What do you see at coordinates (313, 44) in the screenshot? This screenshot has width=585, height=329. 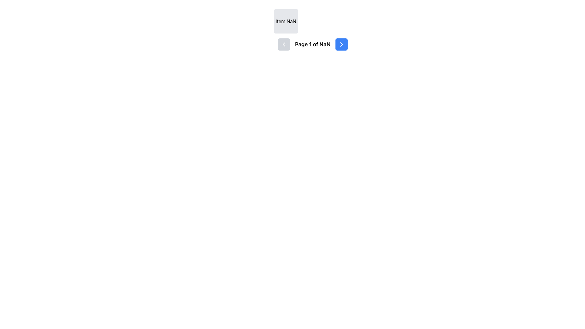 I see `the text label that displays the current page number and total number of pages in the paginated view, located between the previous page button and the next page button` at bounding box center [313, 44].